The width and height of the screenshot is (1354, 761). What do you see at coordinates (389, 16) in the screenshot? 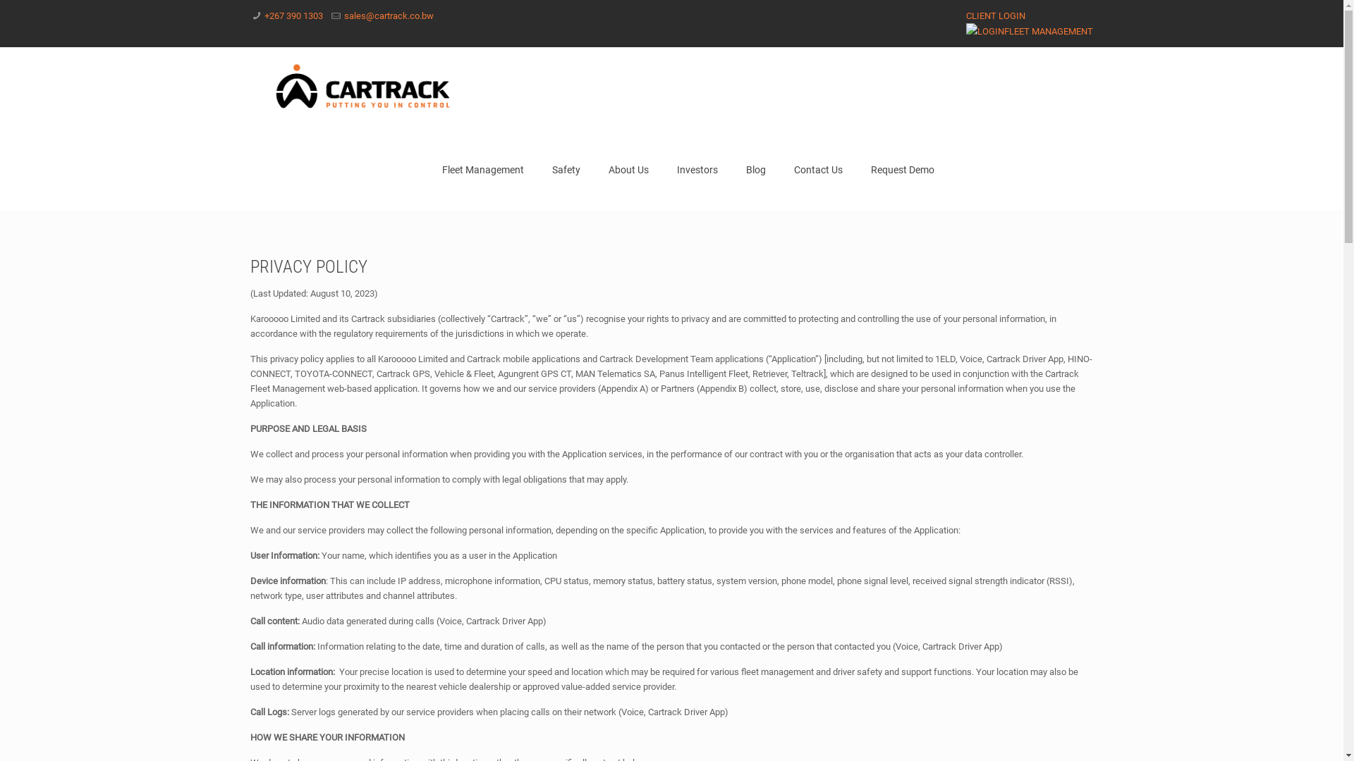
I see `'sales@cartrack.co.bw'` at bounding box center [389, 16].